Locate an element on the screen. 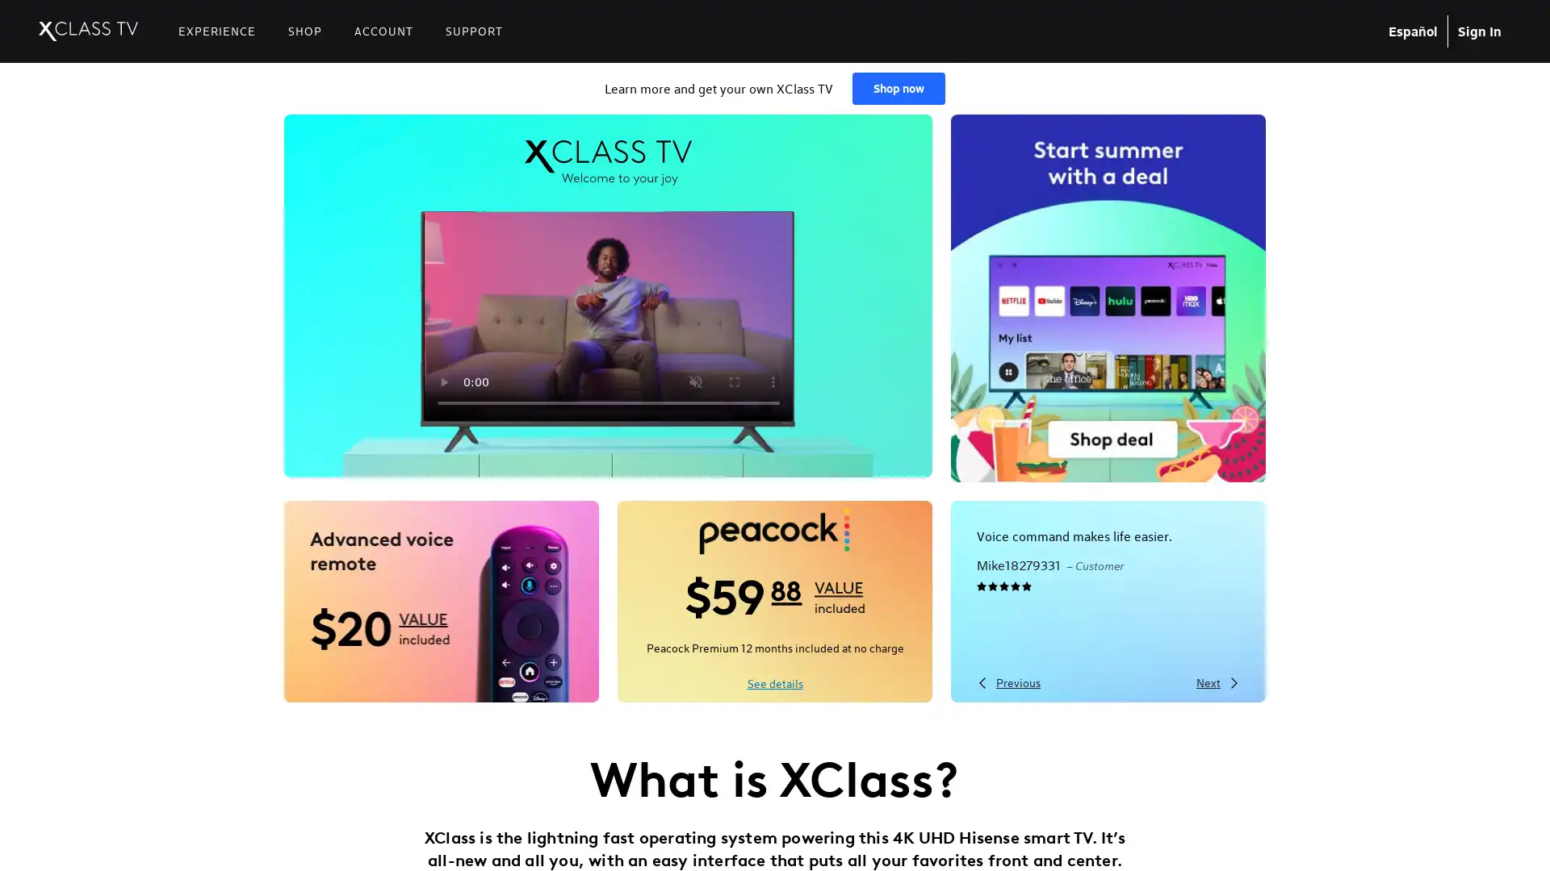 Image resolution: width=1550 pixels, height=871 pixels. unmute is located at coordinates (694, 382).